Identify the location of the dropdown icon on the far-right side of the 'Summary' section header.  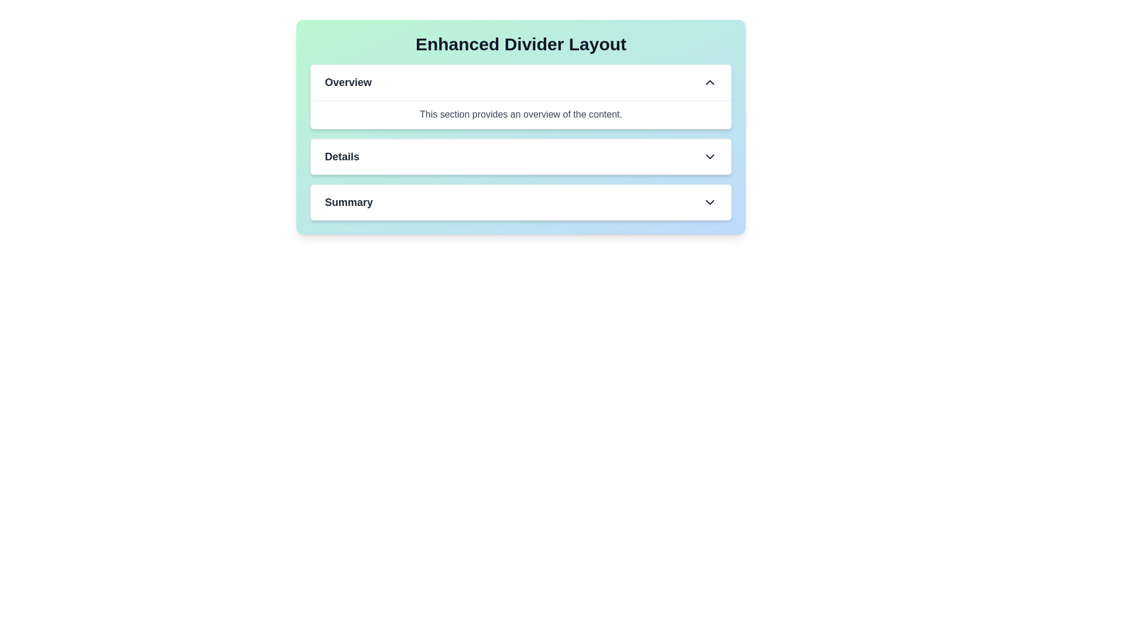
(710, 202).